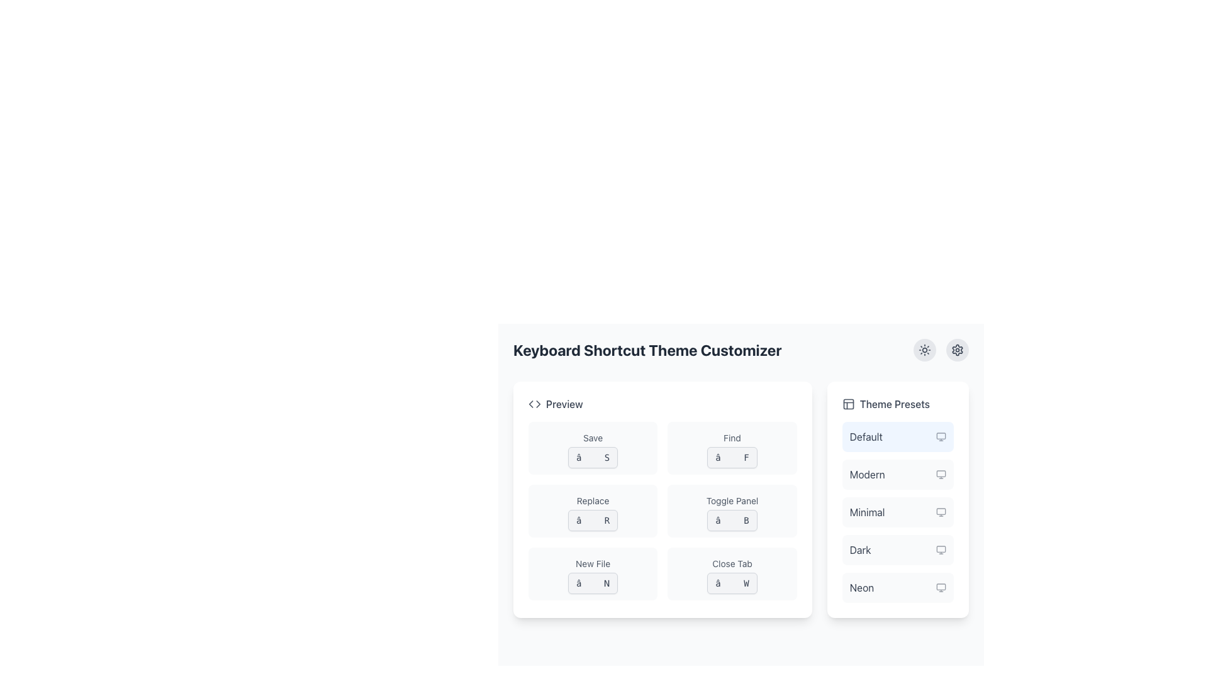 The image size is (1208, 679). I want to click on the 'Find ⌘ F' shortcut label, which is the second element in the first row of the grid layout of shortcut labels, located to the right of 'Save ⌘ S' and above 'Replace ⌘ R', so click(732, 448).